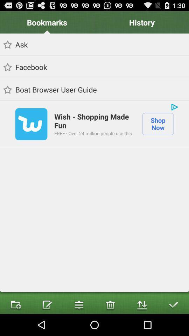 The image size is (189, 336). Describe the element at coordinates (47, 326) in the screenshot. I see `the flash icon` at that location.